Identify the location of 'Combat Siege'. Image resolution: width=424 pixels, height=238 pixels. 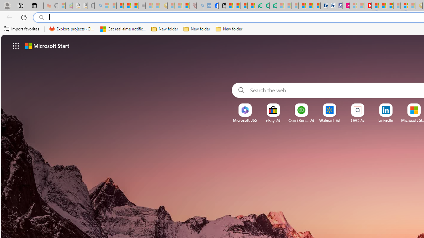
(141, 6).